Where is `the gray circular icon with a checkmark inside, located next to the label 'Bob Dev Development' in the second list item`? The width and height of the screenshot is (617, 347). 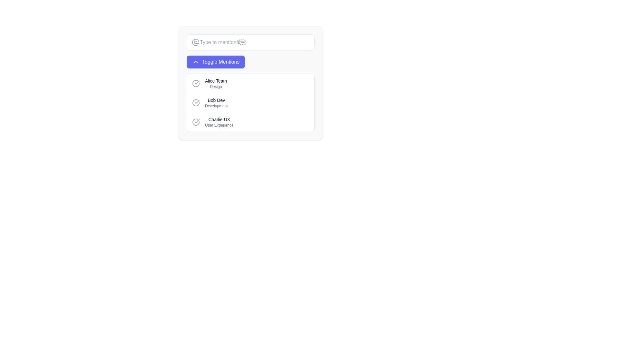 the gray circular icon with a checkmark inside, located next to the label 'Bob Dev Development' in the second list item is located at coordinates (195, 102).